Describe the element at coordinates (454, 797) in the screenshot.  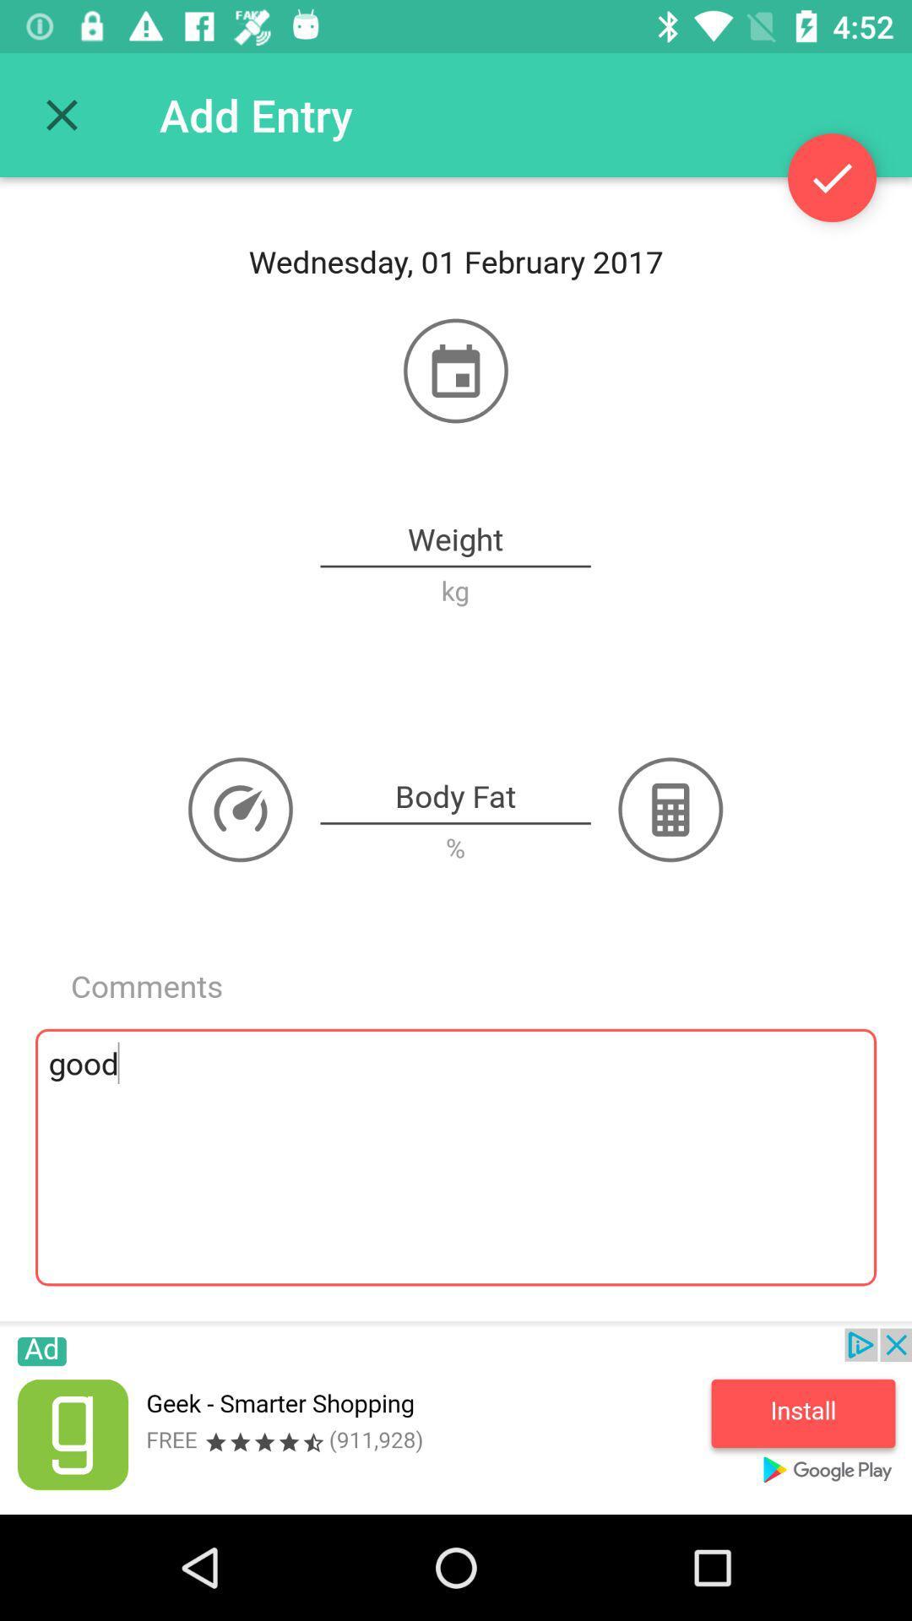
I see `body fat value` at that location.